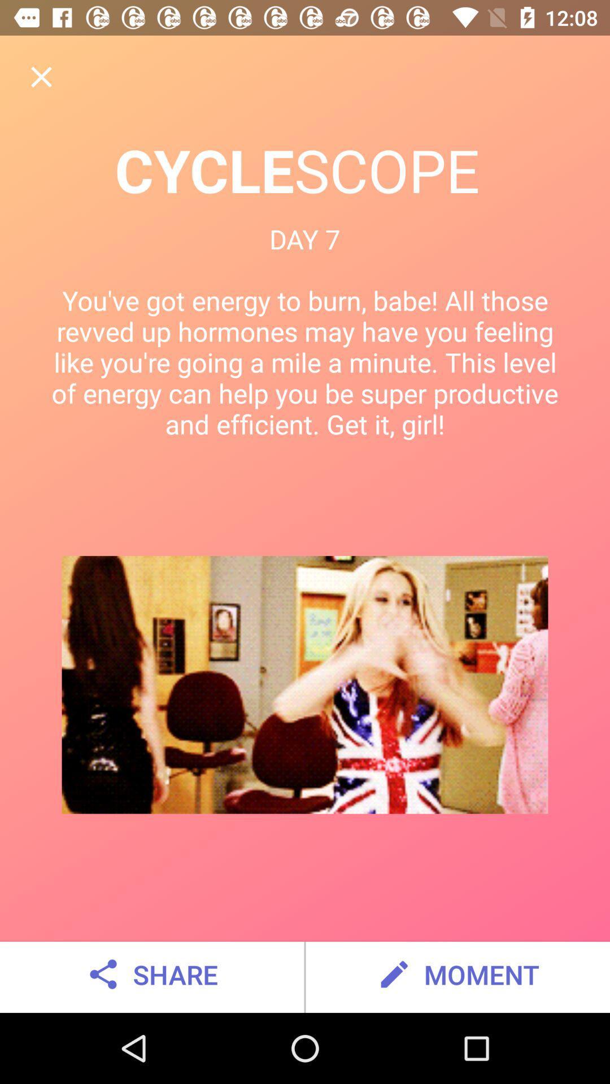  Describe the element at coordinates (457, 974) in the screenshot. I see `the moment icon` at that location.